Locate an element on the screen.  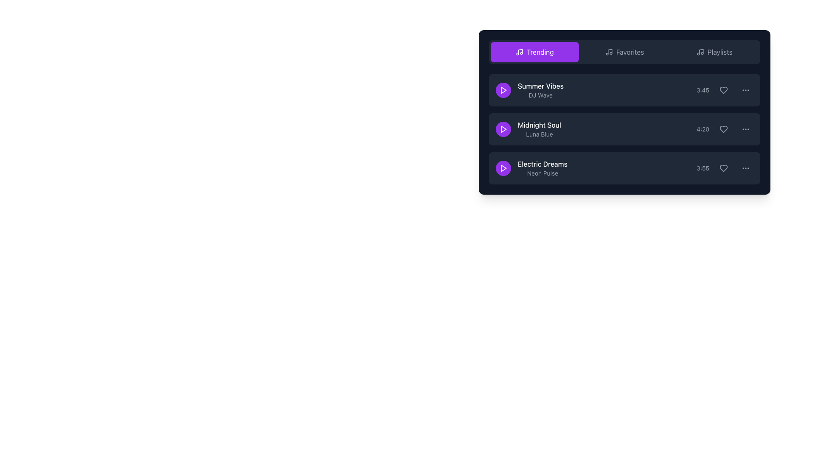
the text label that serves as a subtitle or supplementary information for the main title 'Midnight Soul', located in the second row of the list directly below the main title is located at coordinates (539, 134).